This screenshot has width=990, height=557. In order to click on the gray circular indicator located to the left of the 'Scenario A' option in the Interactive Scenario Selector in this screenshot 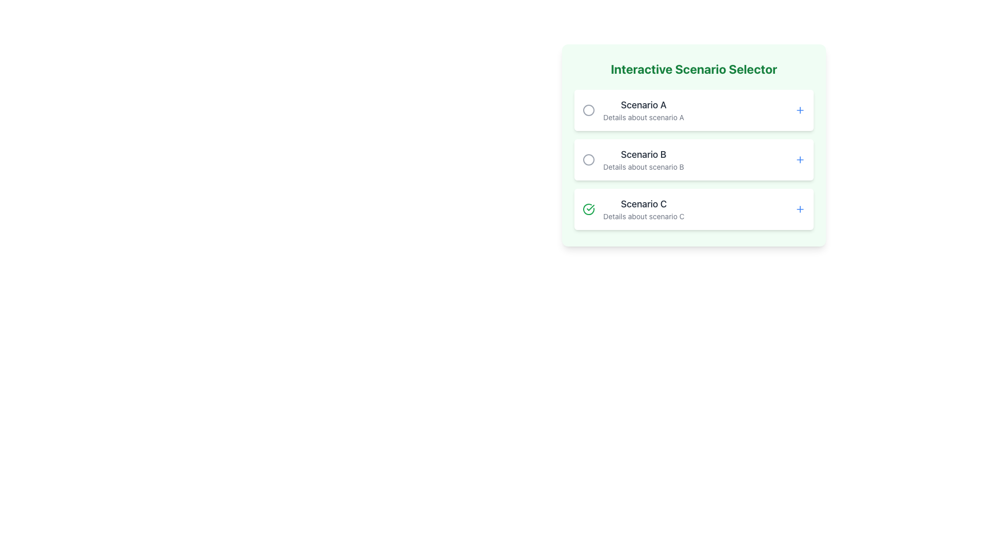, I will do `click(589, 110)`.